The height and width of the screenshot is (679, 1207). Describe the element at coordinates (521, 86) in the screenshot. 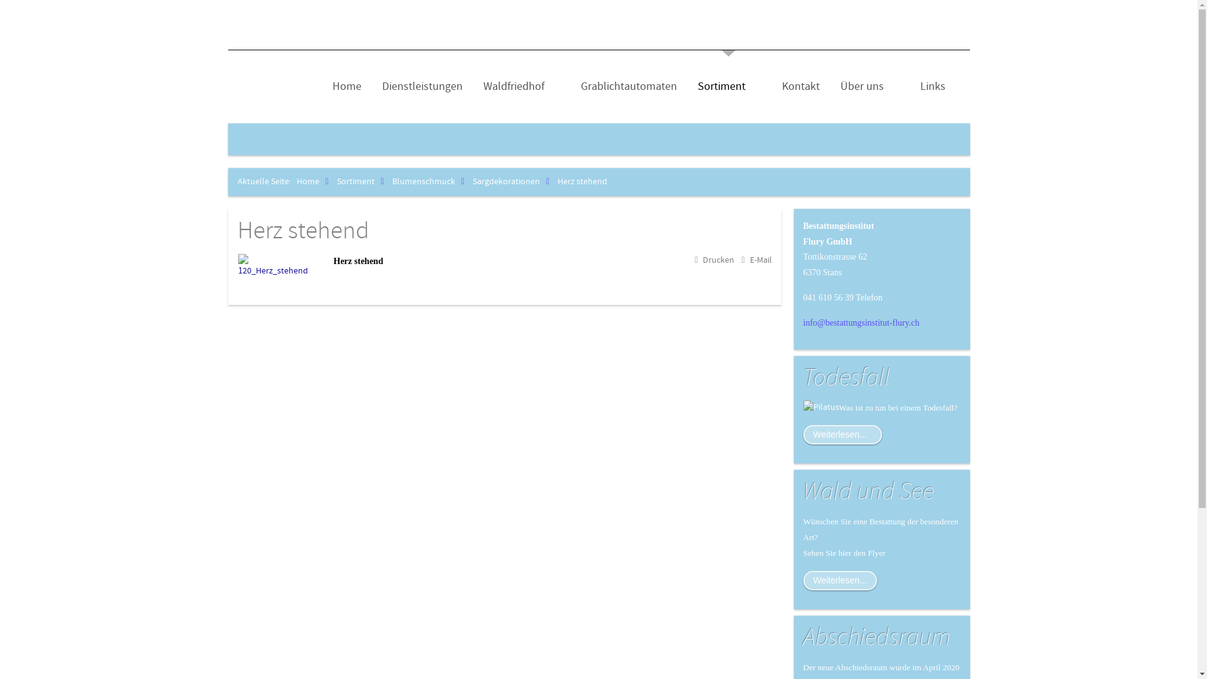

I see `'Waldfriedhof'` at that location.